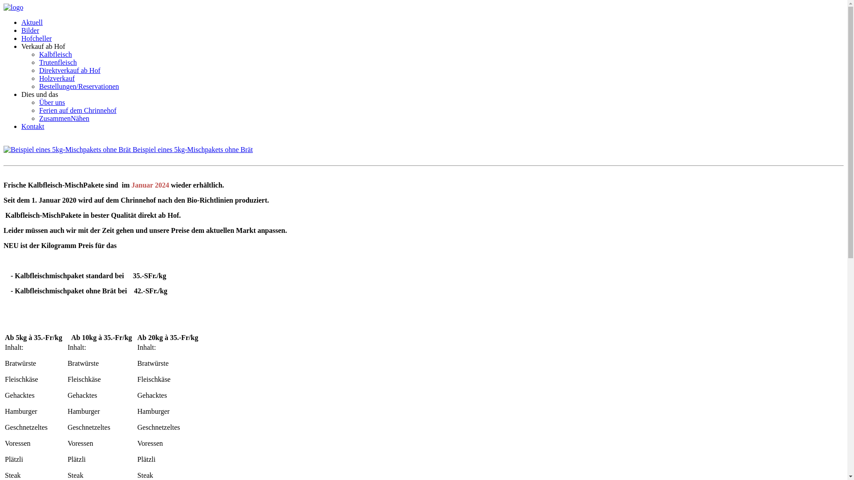 The height and width of the screenshot is (480, 854). What do you see at coordinates (79, 86) in the screenshot?
I see `'Bestellungen/Reservationen'` at bounding box center [79, 86].